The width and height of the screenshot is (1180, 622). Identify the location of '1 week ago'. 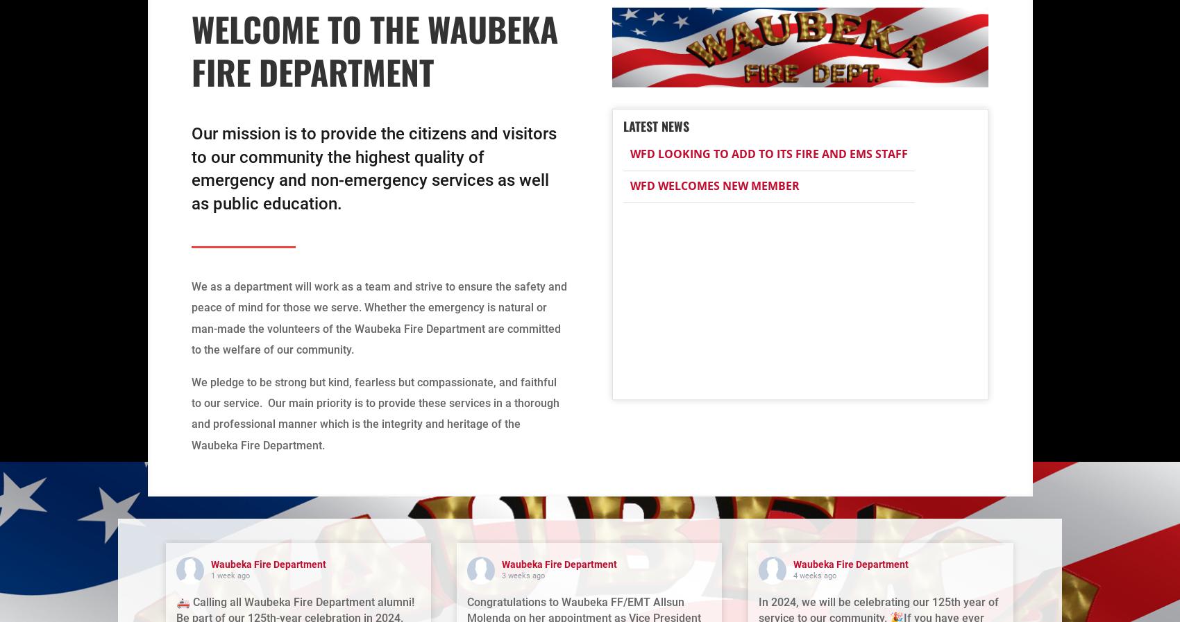
(228, 575).